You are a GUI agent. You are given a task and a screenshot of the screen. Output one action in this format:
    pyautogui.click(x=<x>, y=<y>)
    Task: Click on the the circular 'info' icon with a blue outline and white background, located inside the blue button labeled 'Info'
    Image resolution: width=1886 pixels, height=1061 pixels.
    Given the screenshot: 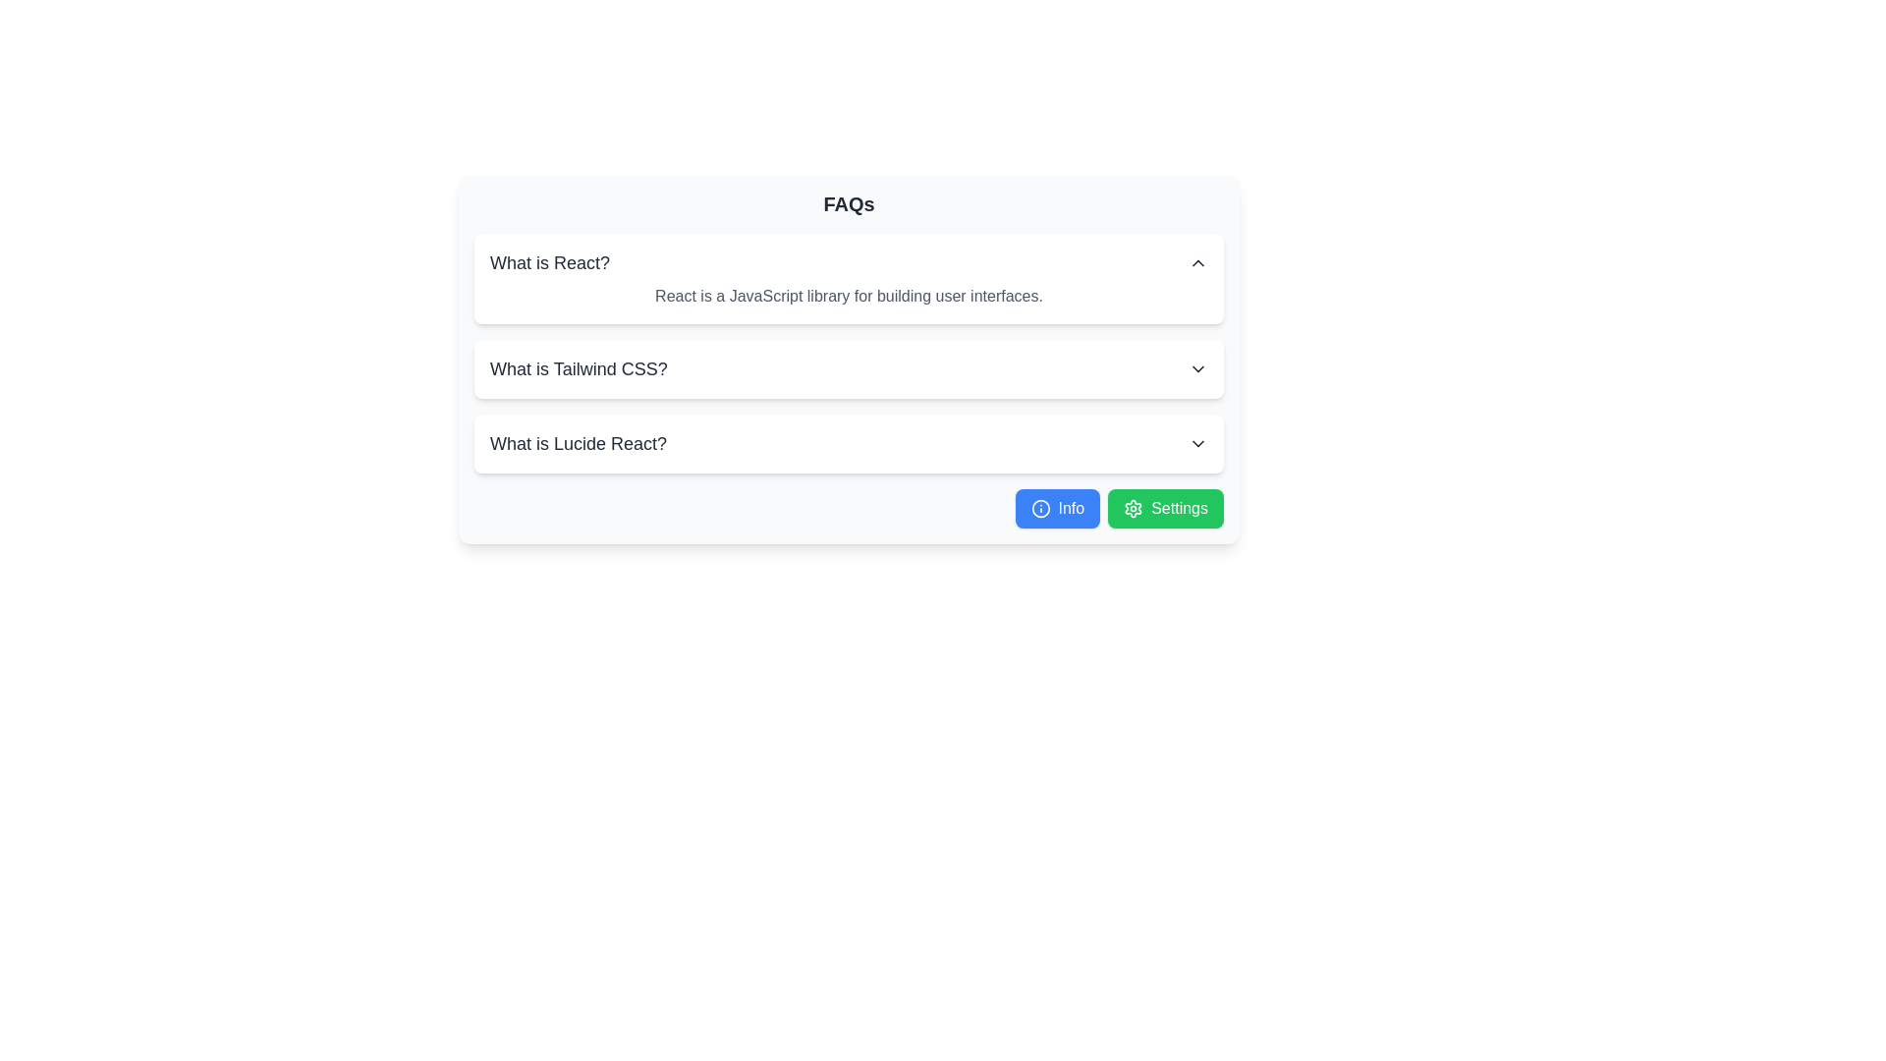 What is the action you would take?
    pyautogui.click(x=1039, y=507)
    